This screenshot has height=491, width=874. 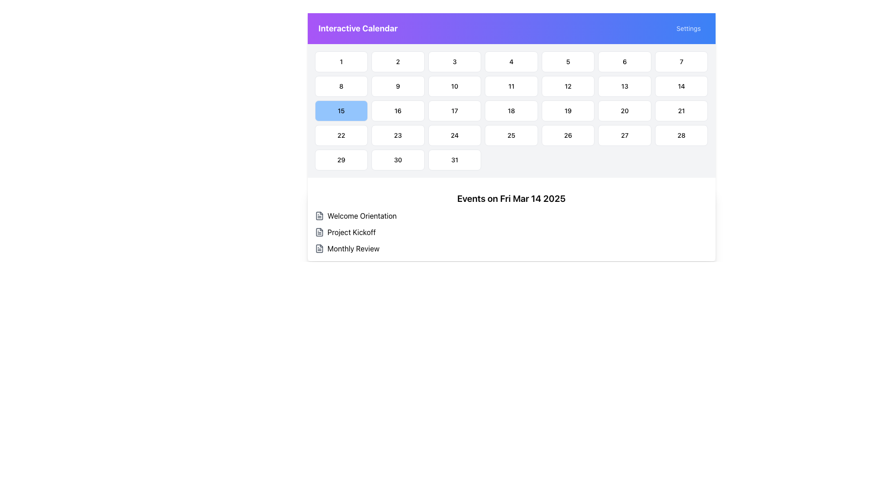 What do you see at coordinates (340, 61) in the screenshot?
I see `the calendar date cell displaying the numeral '1'` at bounding box center [340, 61].